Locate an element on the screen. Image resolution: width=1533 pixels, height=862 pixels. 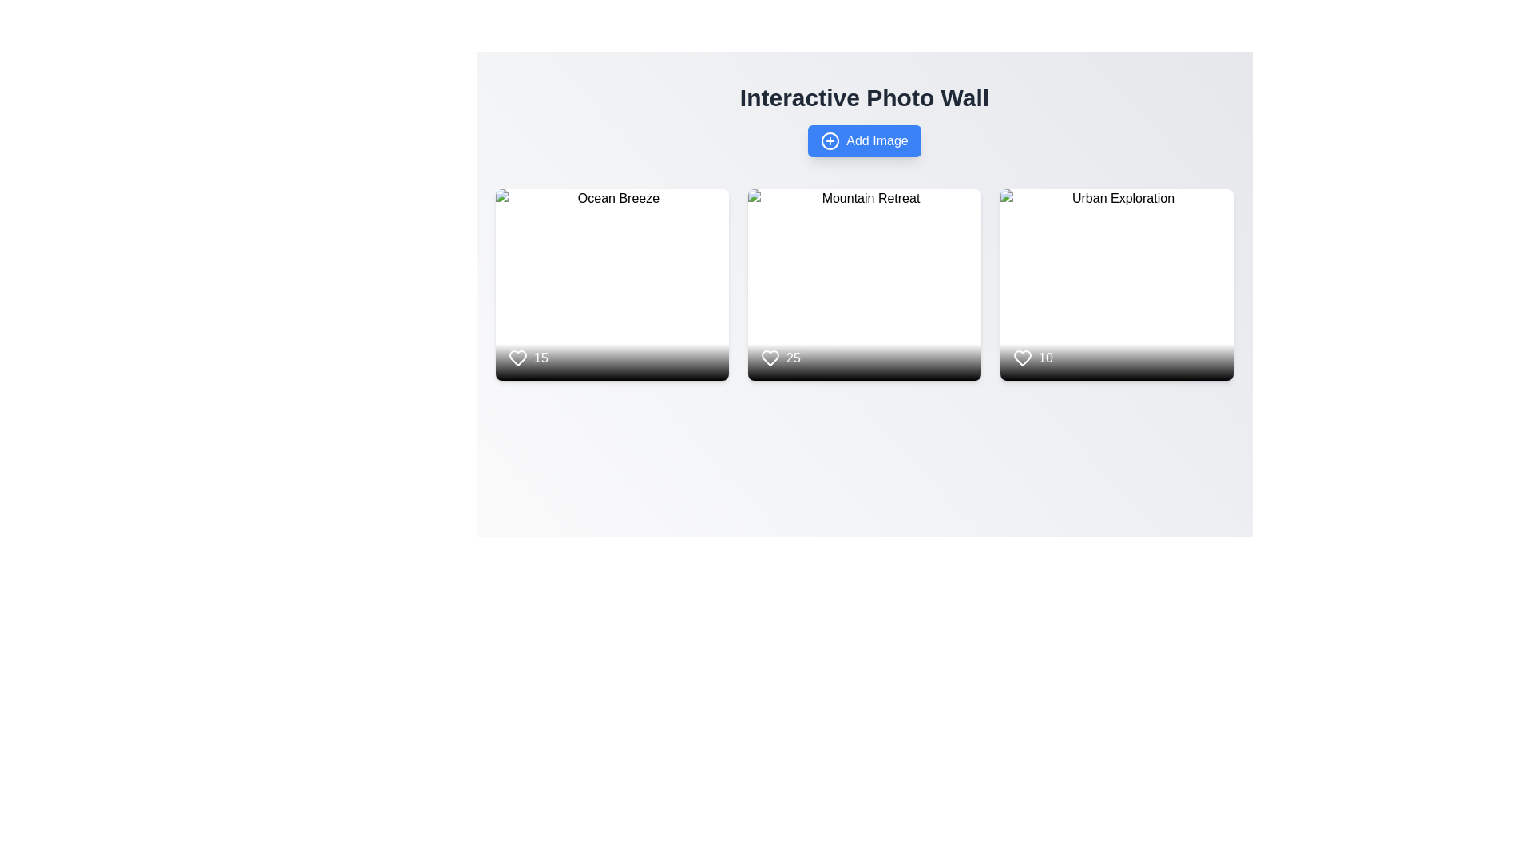
the static display element featuring a black gradient bar with a translucent effect, a white heart icon, and the number '25' in white text, located at the lower part of the 'Mountain Retreat' card is located at coordinates (864, 343).